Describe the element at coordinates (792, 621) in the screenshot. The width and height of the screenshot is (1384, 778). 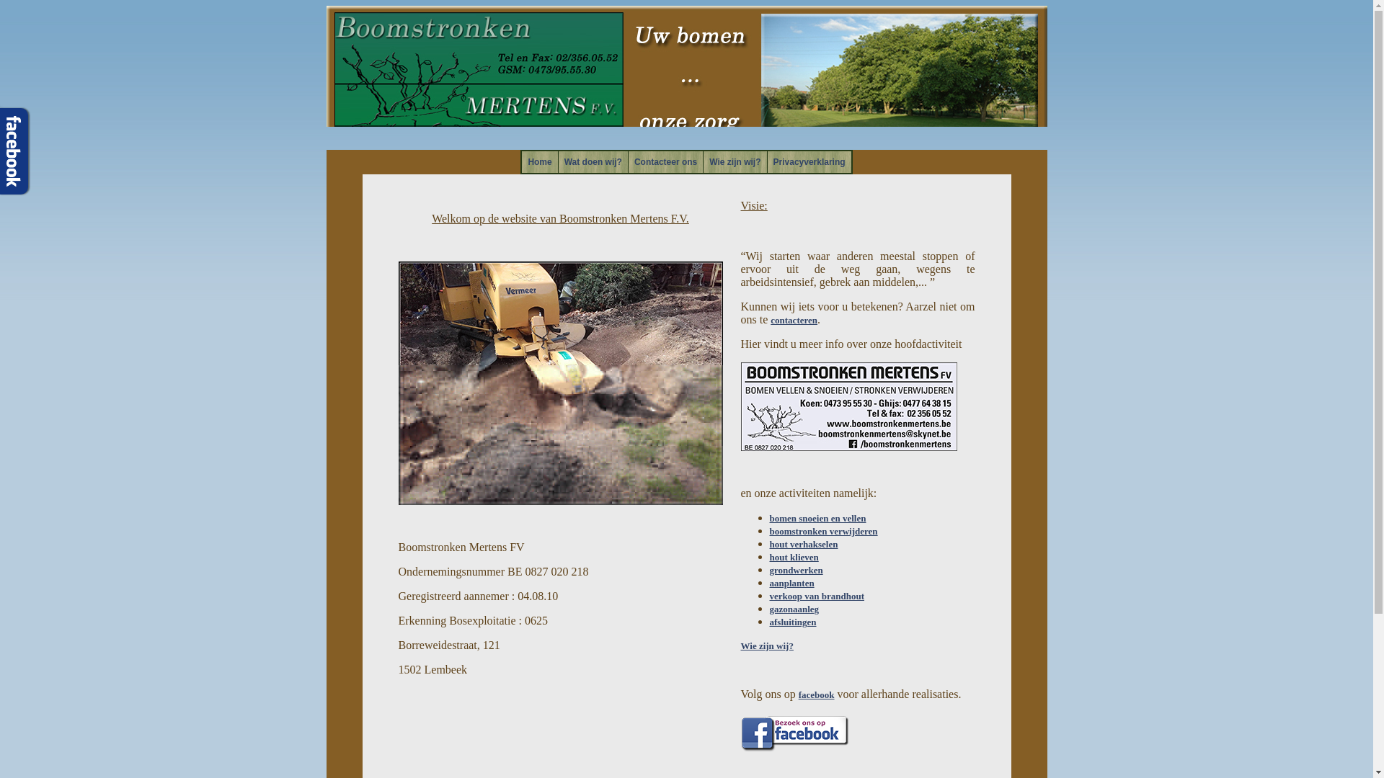
I see `'afsluitingen'` at that location.